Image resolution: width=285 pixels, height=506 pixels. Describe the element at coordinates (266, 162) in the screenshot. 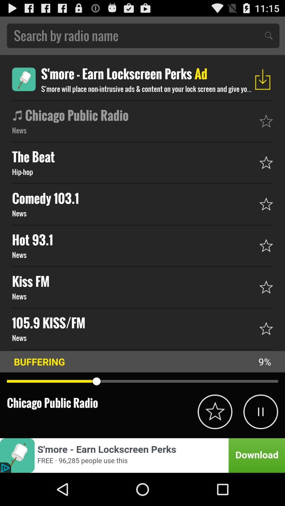

I see `the star right to the beat` at that location.